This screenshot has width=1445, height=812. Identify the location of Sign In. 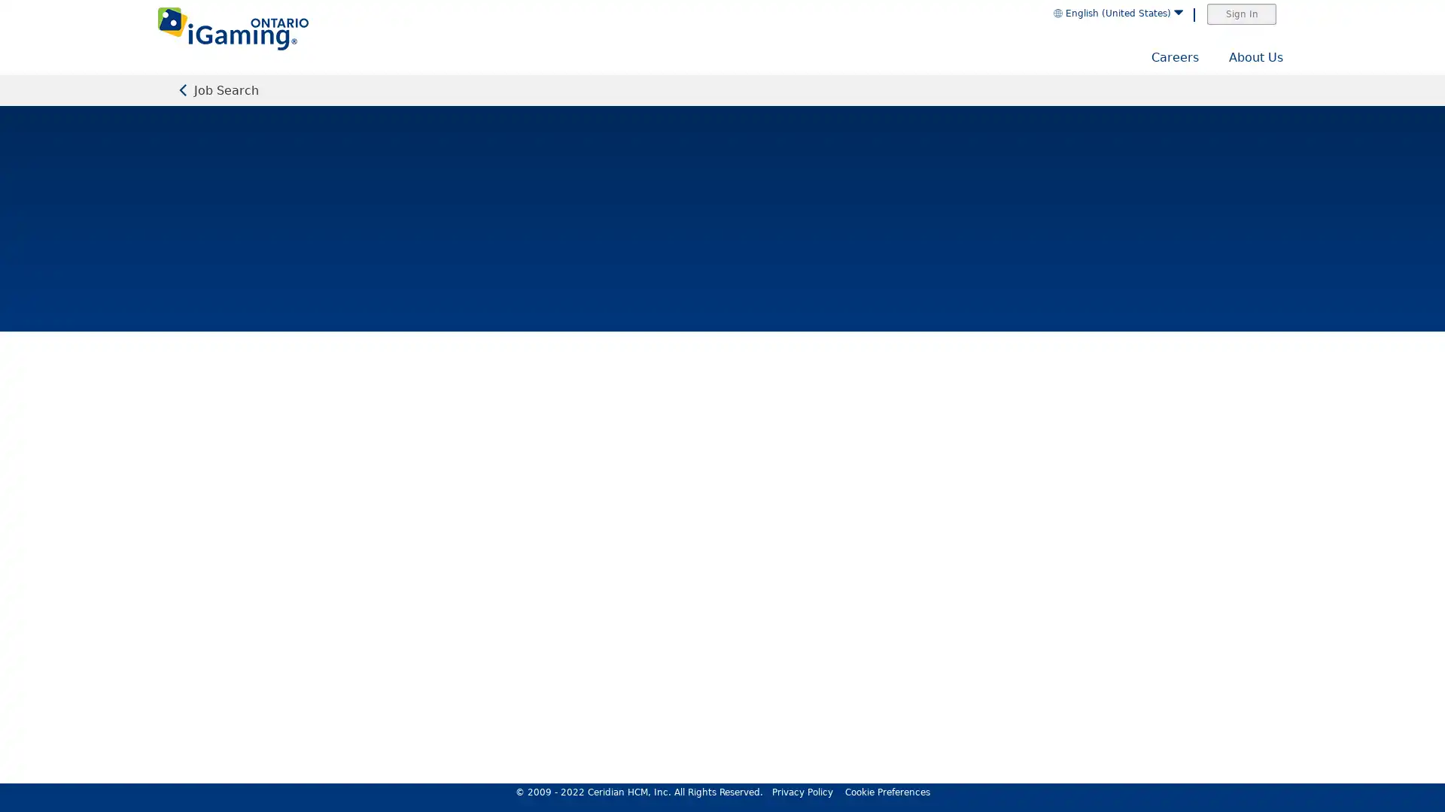
(722, 485).